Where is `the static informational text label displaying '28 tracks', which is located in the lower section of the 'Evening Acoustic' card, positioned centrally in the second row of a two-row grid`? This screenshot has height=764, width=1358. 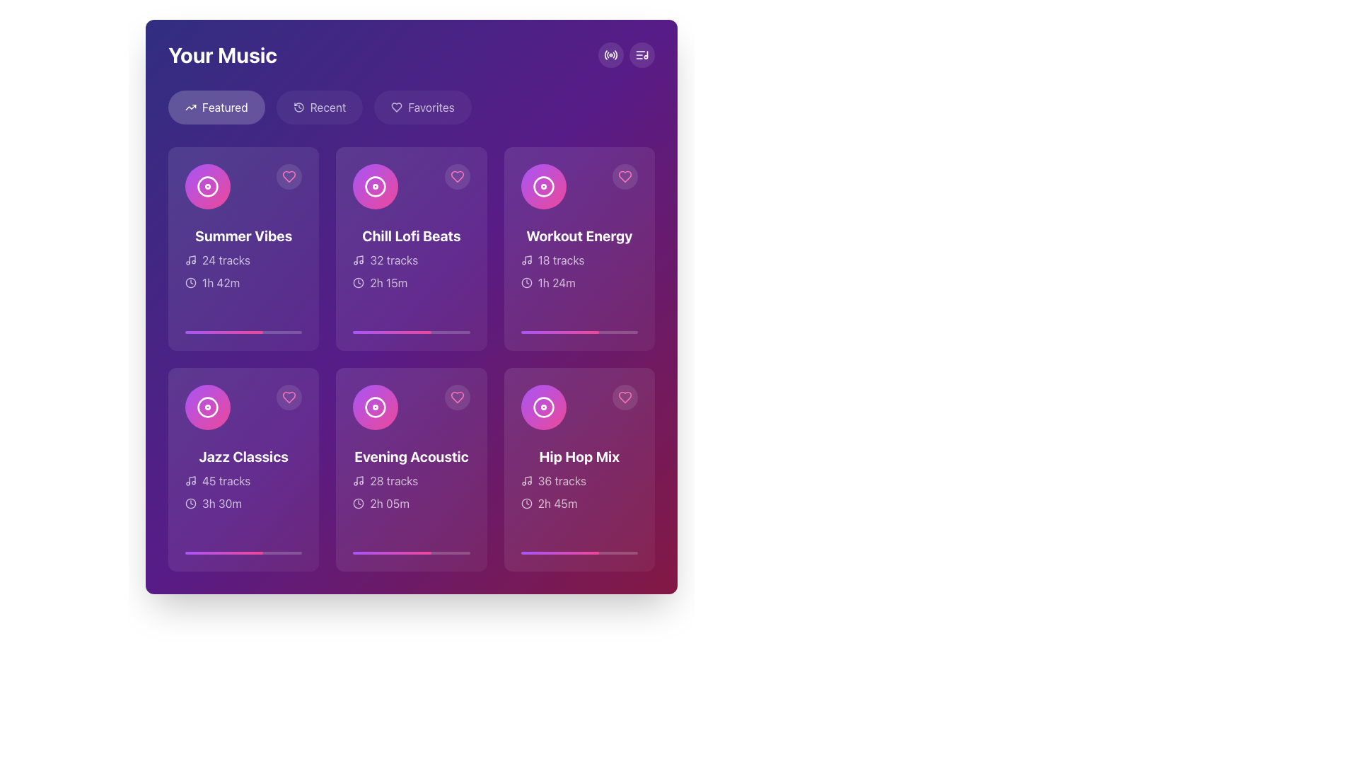 the static informational text label displaying '28 tracks', which is located in the lower section of the 'Evening Acoustic' card, positioned centrally in the second row of a two-row grid is located at coordinates (410, 480).